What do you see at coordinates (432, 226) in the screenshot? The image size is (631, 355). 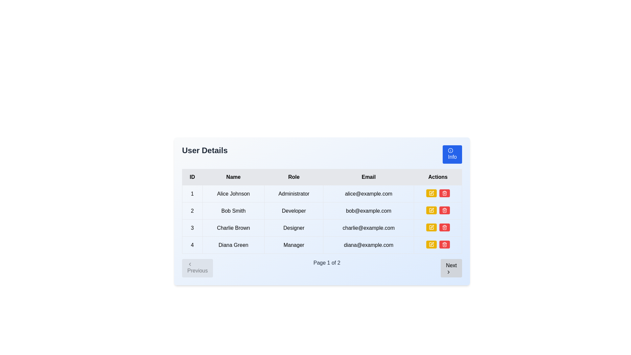 I see `the small yellow edit icon in the Actions column for user 'Charlie Brown'` at bounding box center [432, 226].